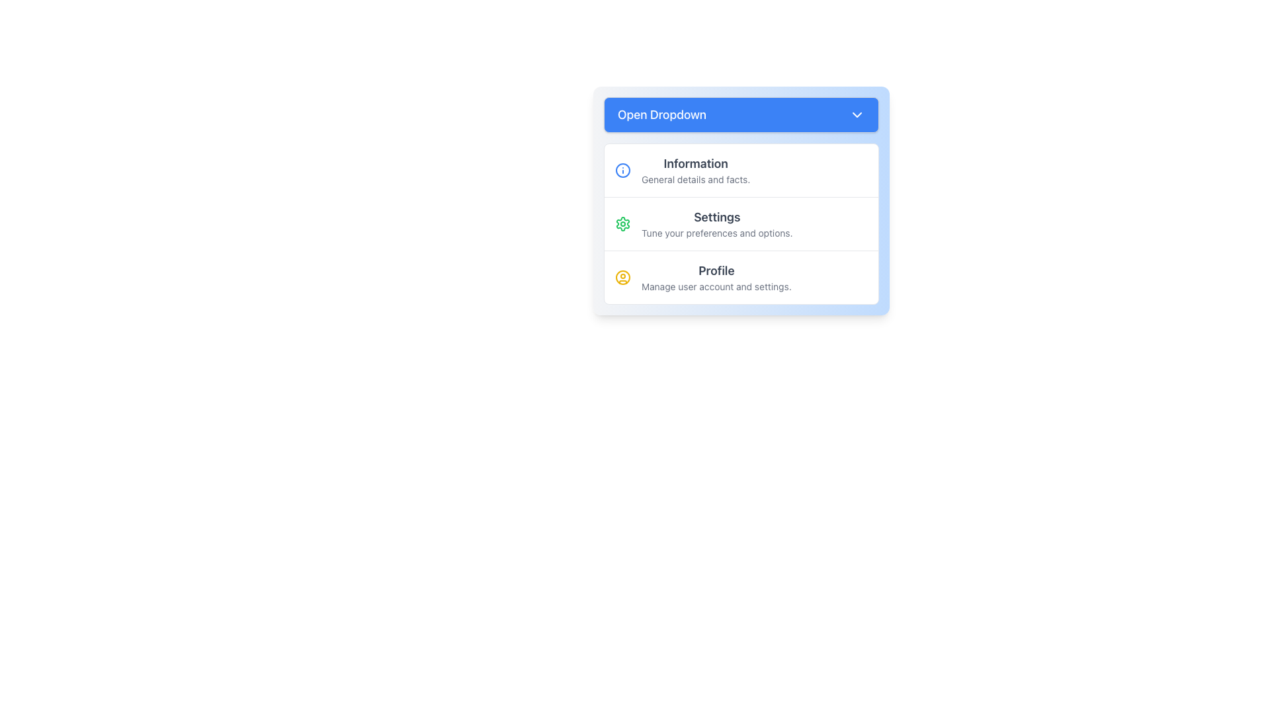  I want to click on the 'Profile' text label, which is a prominent element styled with a large bold font in dark gray, located in the dropdown interface under 'Open Dropdown', so click(716, 270).